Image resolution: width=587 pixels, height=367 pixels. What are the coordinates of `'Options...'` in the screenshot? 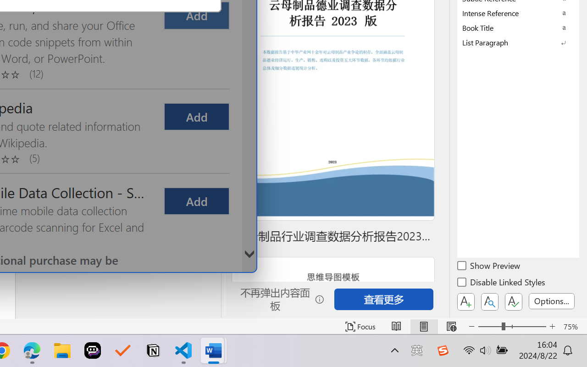 It's located at (551, 300).